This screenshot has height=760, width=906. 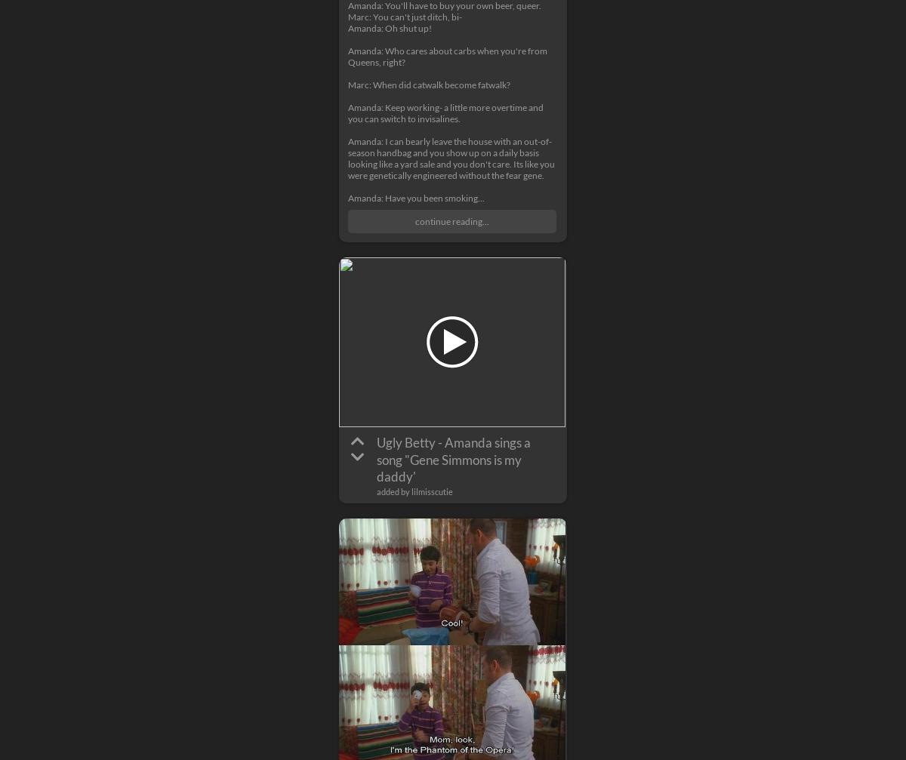 What do you see at coordinates (415, 198) in the screenshot?
I see `'Amanda: Have you been smoking...'` at bounding box center [415, 198].